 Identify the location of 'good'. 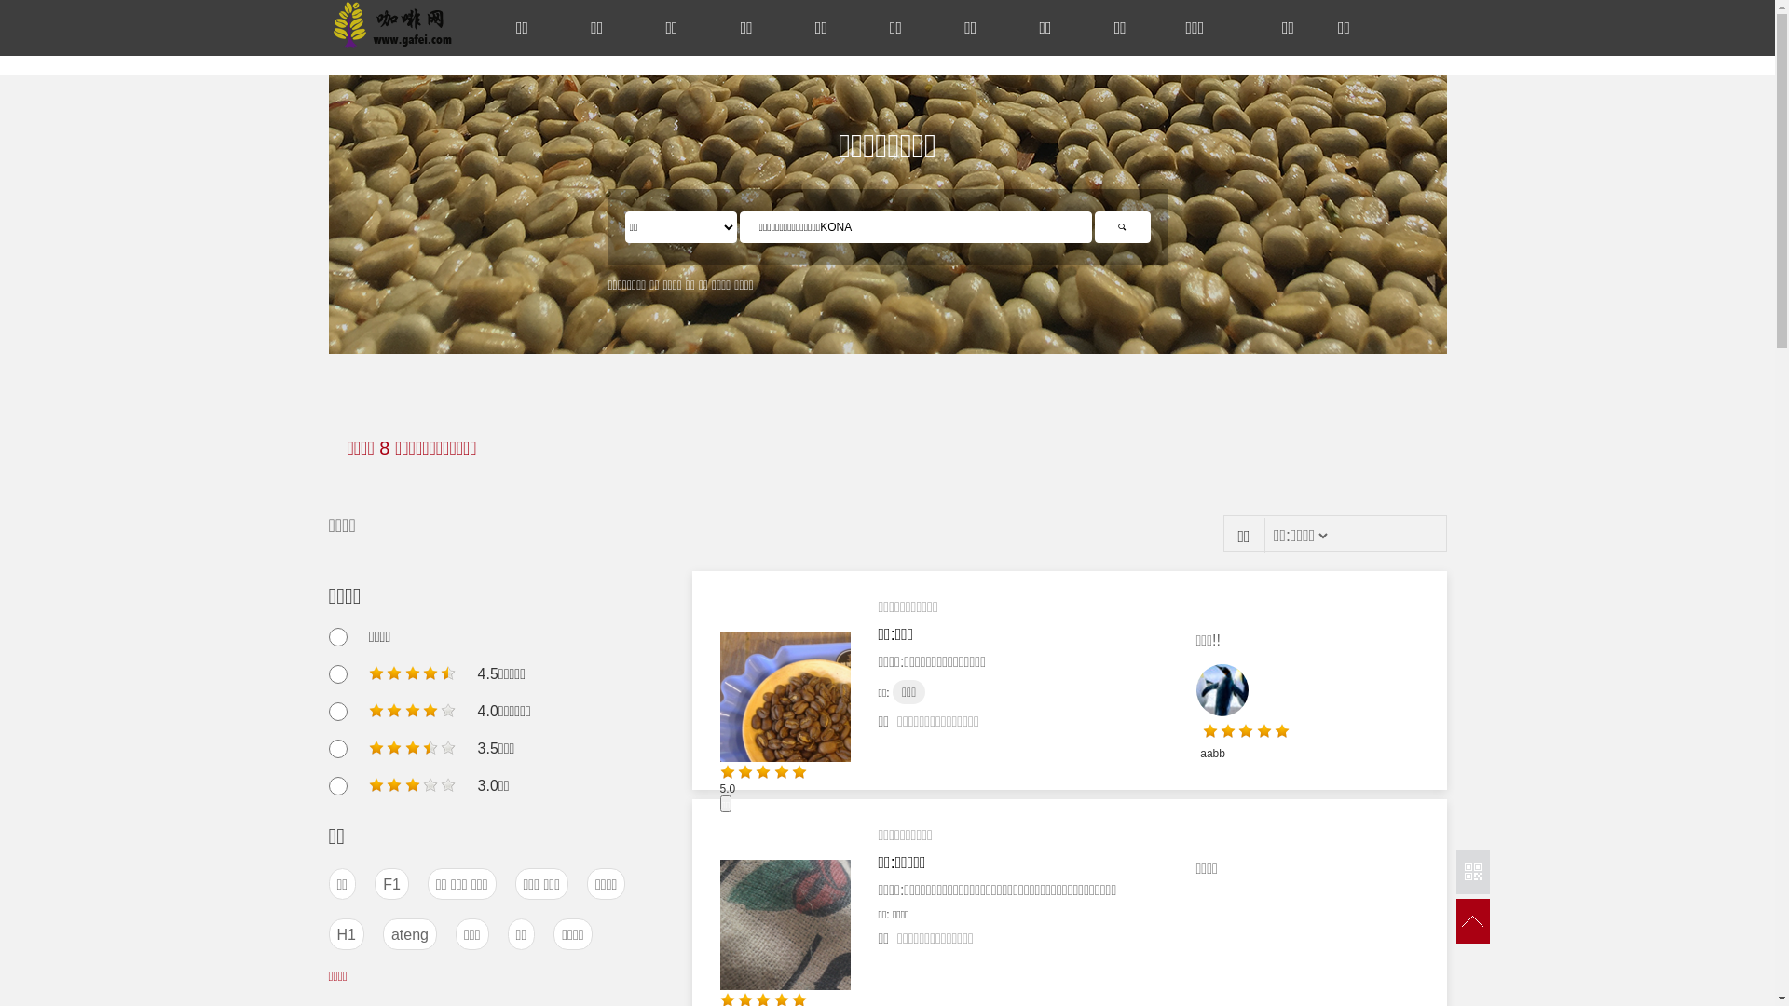
(411, 710).